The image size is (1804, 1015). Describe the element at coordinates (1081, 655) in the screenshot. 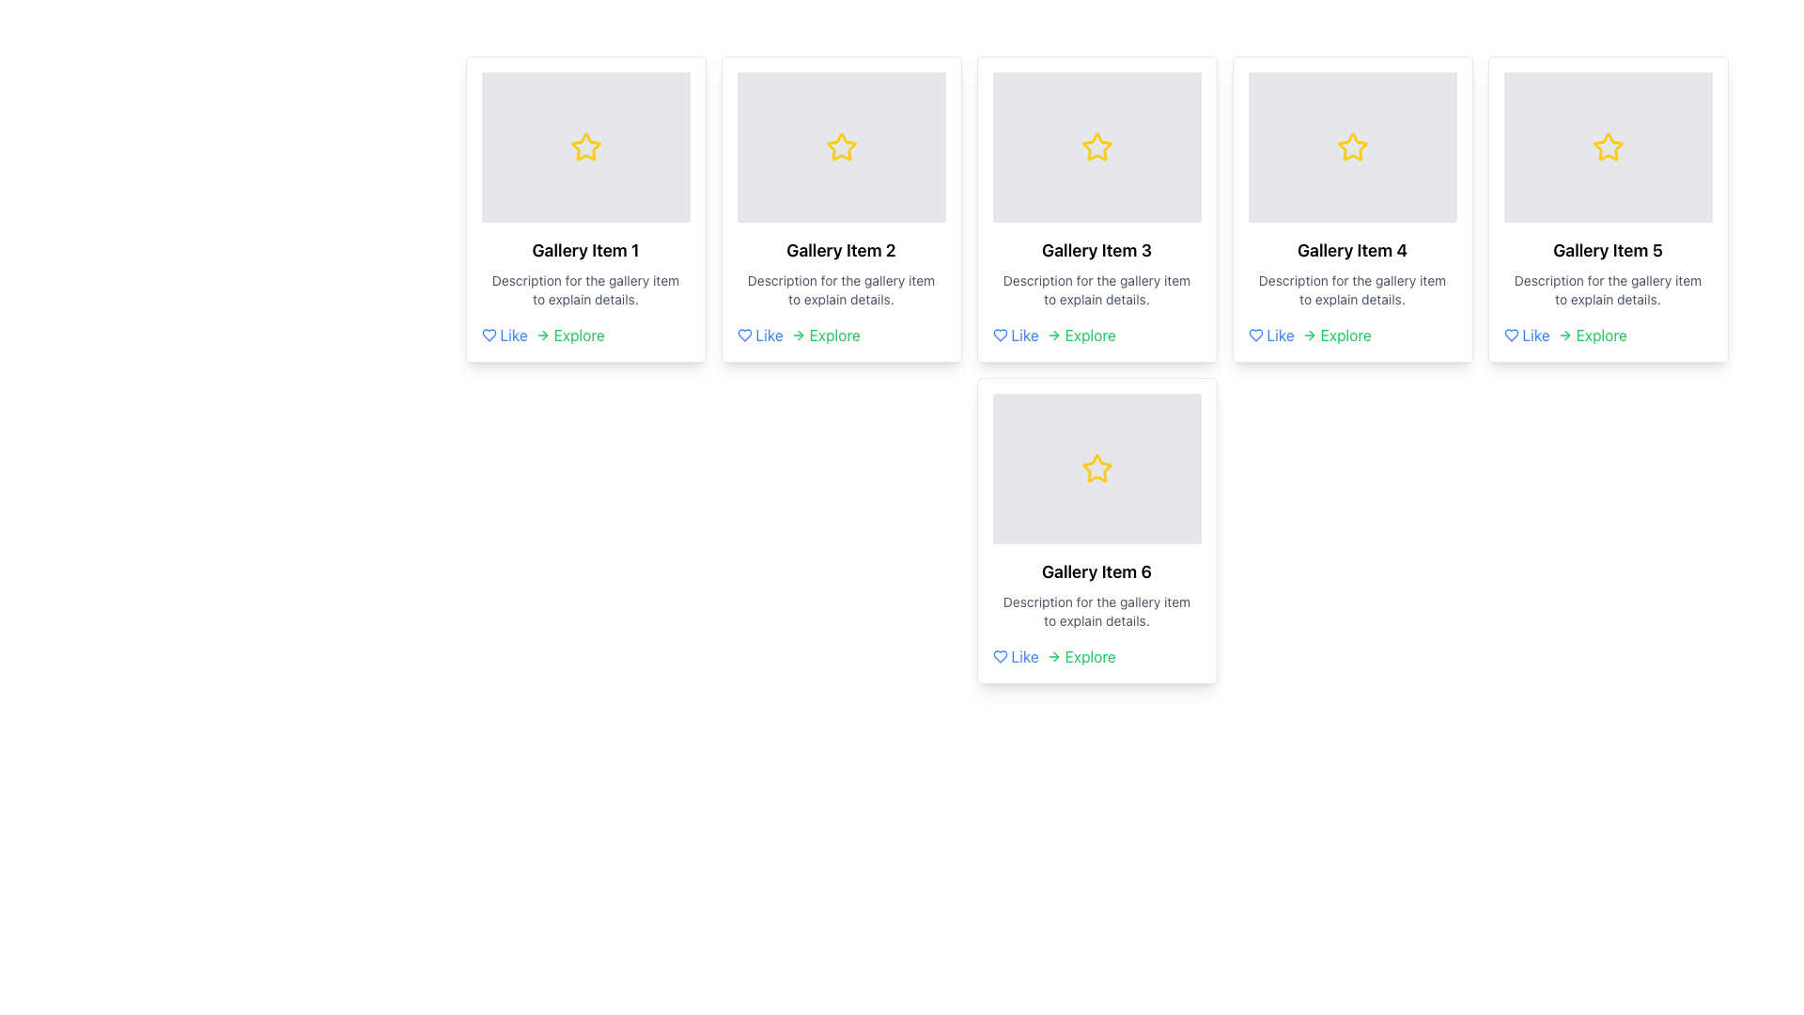

I see `the green interactive text link labeled 'Explore' with an arrow icon, located in the bottom right corner of the 'Gallery Item 6' card` at that location.